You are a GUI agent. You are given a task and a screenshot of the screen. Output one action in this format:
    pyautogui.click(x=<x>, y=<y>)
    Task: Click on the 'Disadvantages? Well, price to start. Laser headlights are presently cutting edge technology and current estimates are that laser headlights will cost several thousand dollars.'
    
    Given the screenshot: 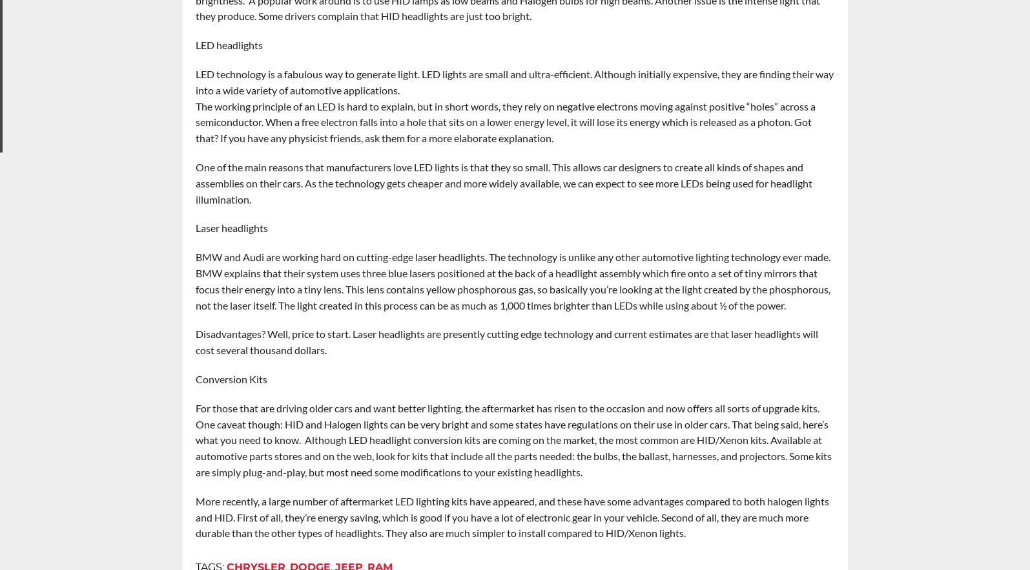 What is the action you would take?
    pyautogui.click(x=506, y=342)
    